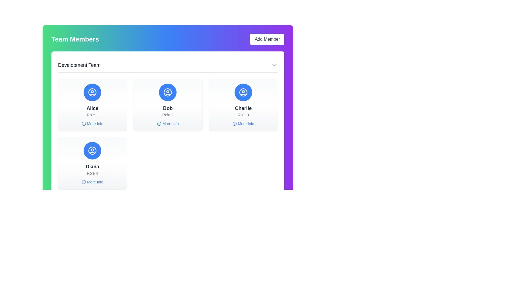 This screenshot has width=528, height=297. I want to click on the circular icon representing 'Bob' with a white outline of a person on a blue background in the avatar area of the 'Bob' card, located in the second column of the top row under 'Development Team', so click(167, 92).